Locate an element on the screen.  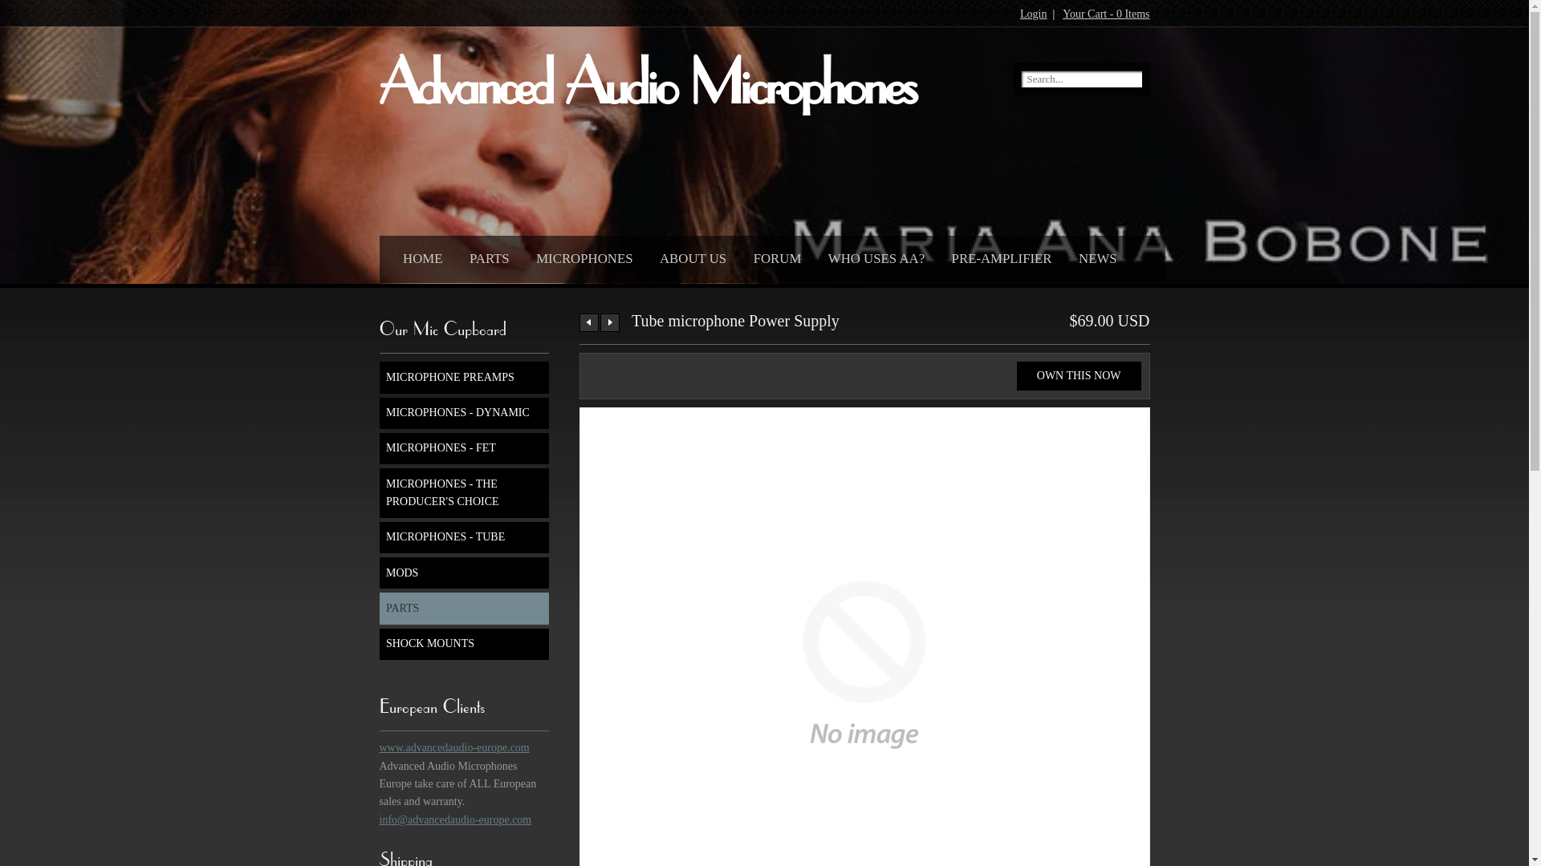
'MICROPHONES - TUBE' is located at coordinates (462, 537).